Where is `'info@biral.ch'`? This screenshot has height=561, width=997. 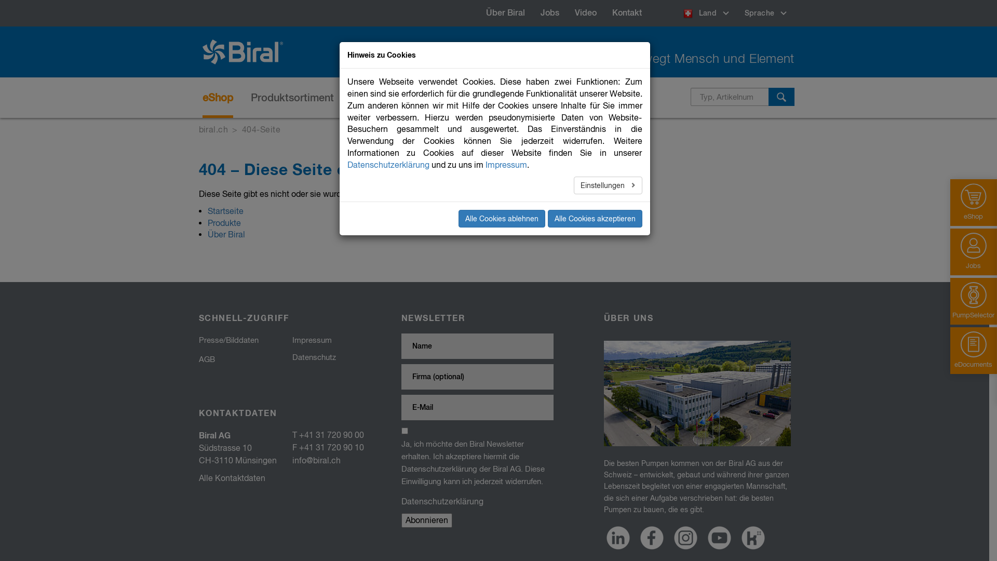
'info@biral.ch' is located at coordinates (315, 460).